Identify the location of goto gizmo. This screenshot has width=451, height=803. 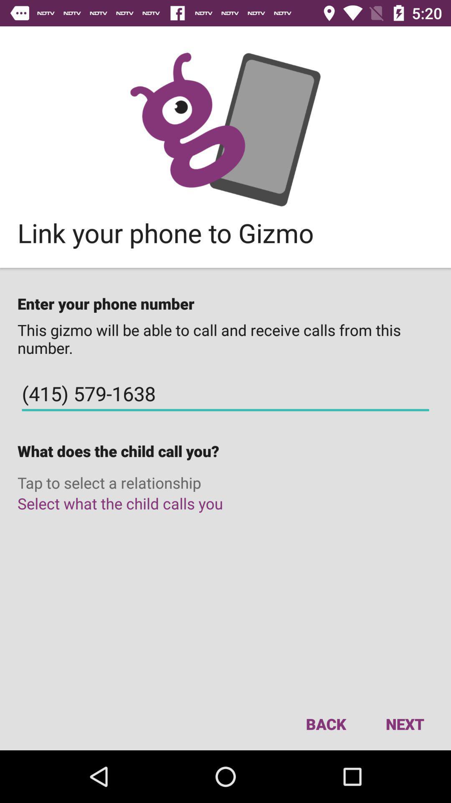
(225, 129).